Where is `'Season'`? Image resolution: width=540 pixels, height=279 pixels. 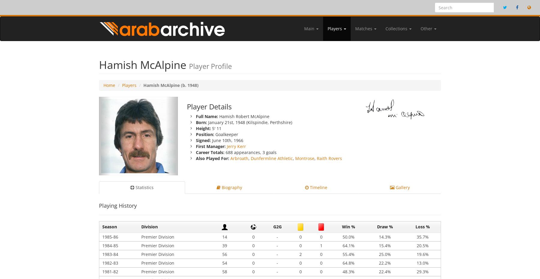 'Season' is located at coordinates (109, 227).